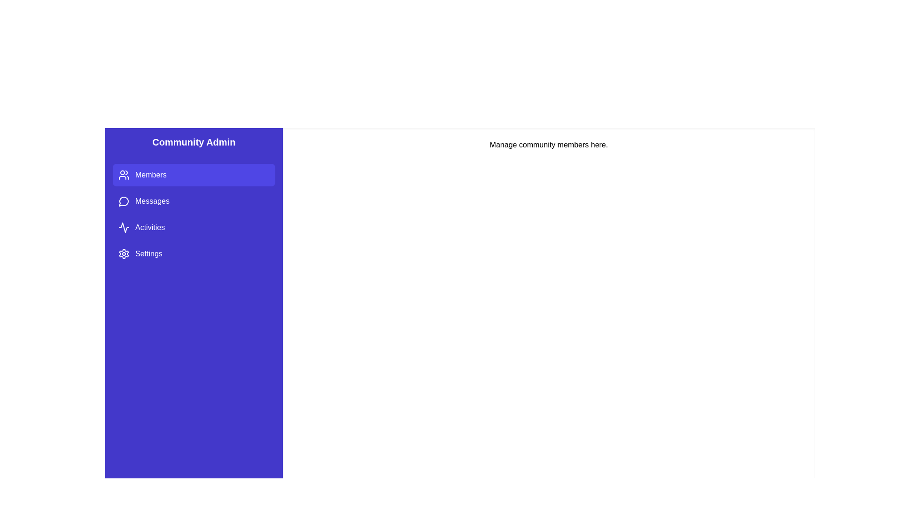  Describe the element at coordinates (123, 201) in the screenshot. I see `the 'Messages' SVG icon in the sidebar menu, which is the second item from the top` at that location.